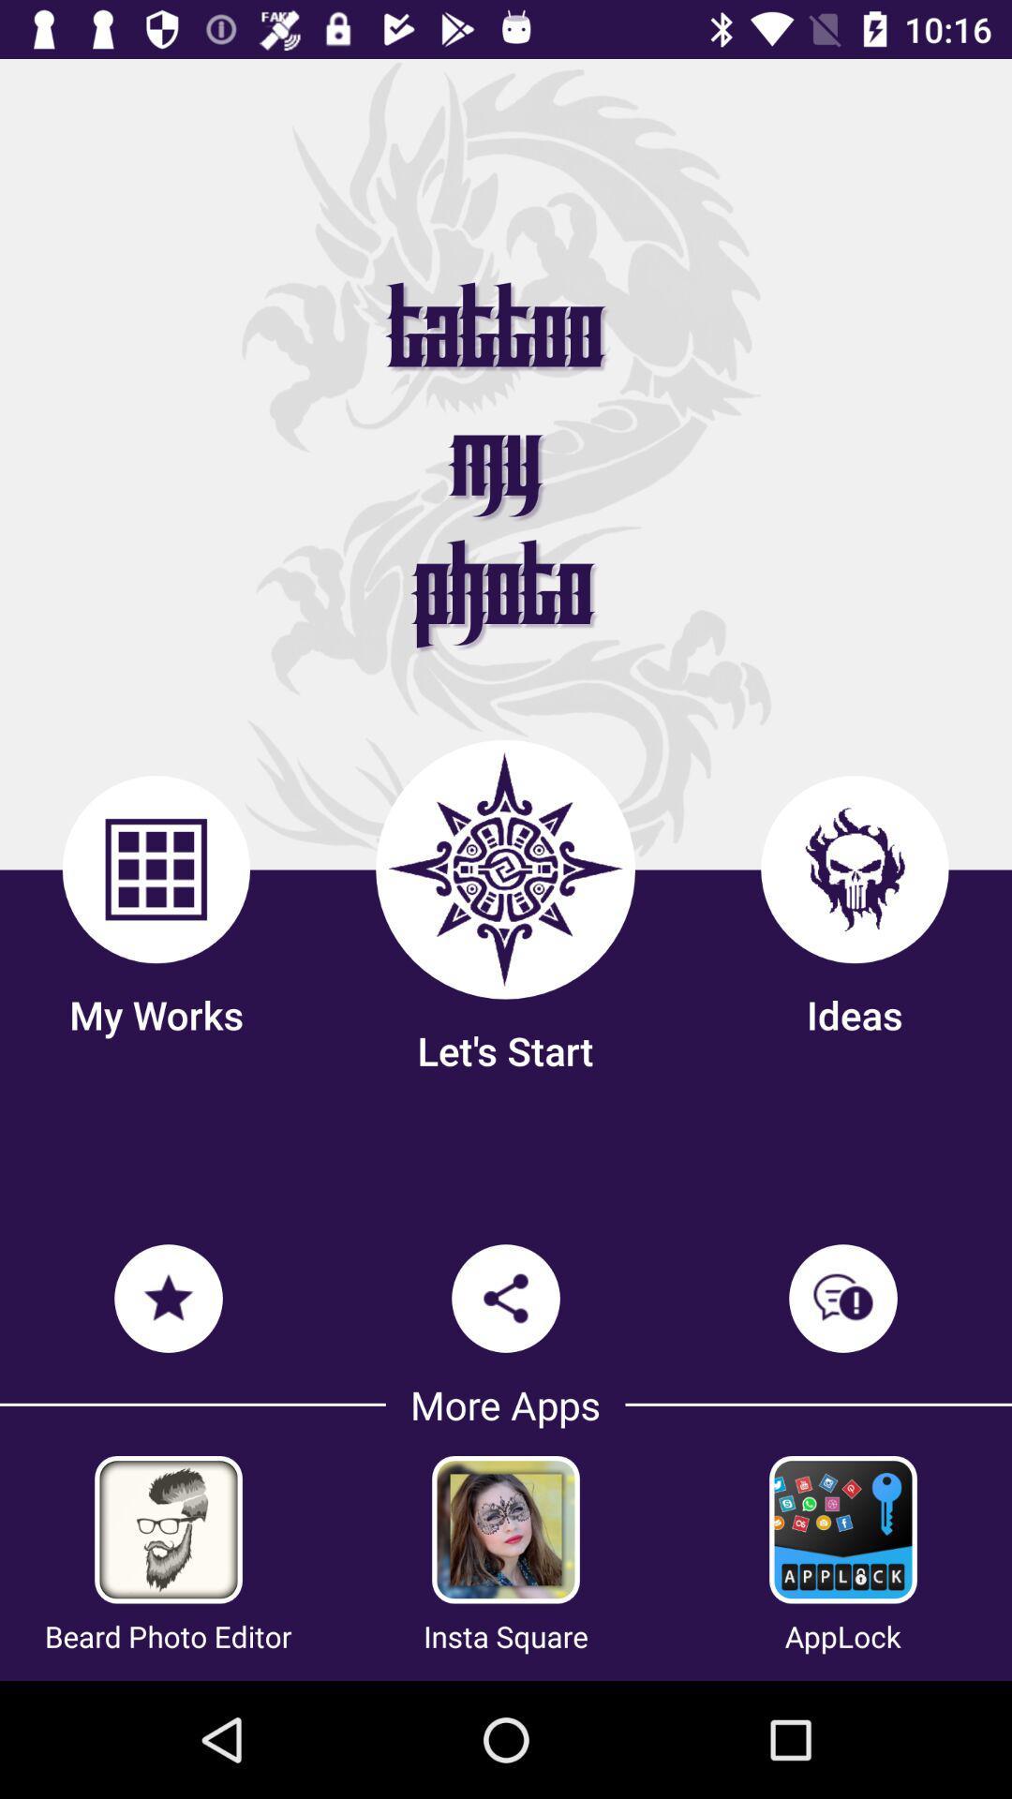 The width and height of the screenshot is (1012, 1799). Describe the element at coordinates (504, 869) in the screenshot. I see `the option above lets start` at that location.